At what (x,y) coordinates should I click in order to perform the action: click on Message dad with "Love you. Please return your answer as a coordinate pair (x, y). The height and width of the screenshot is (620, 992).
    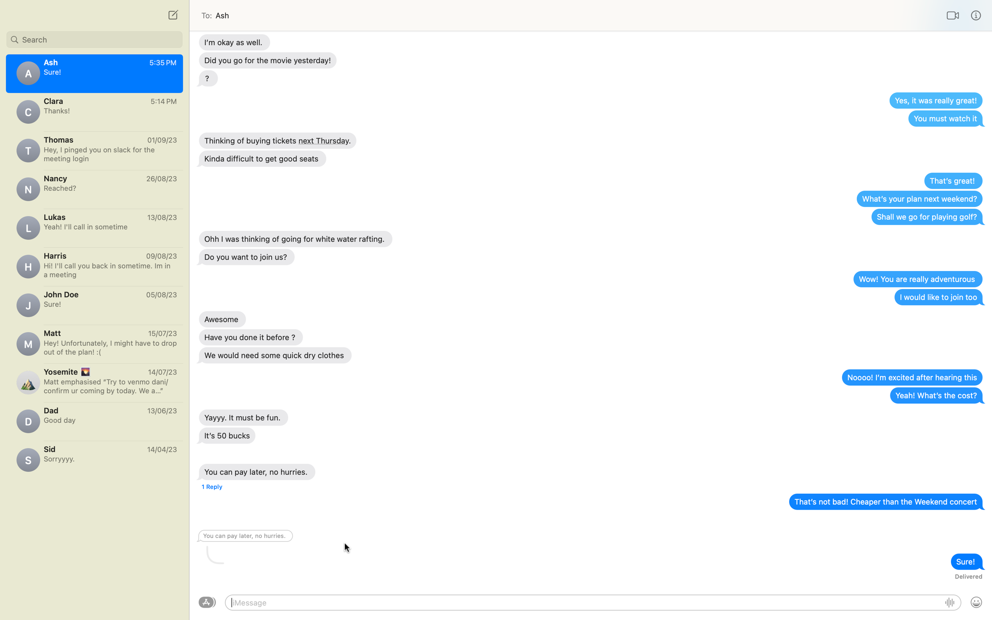
    Looking at the image, I should click on (94, 418).